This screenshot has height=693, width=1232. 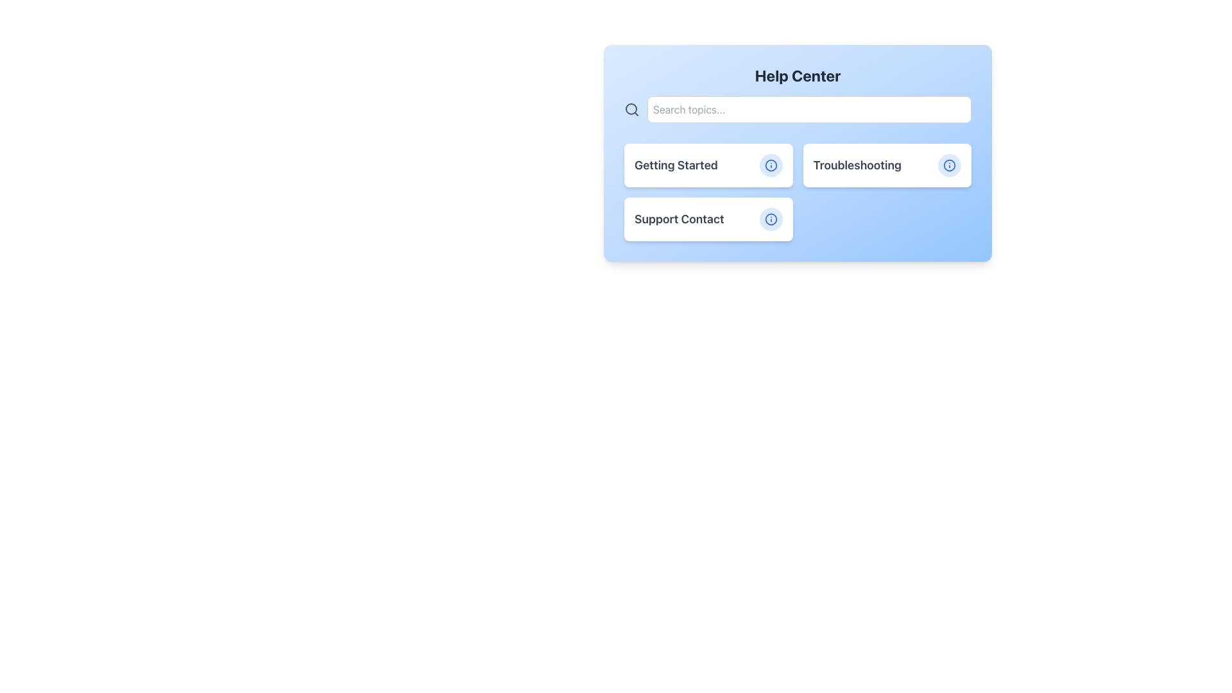 I want to click on the button located at the top-right corner of the 'Getting Started' section within the help menu, so click(x=770, y=165).